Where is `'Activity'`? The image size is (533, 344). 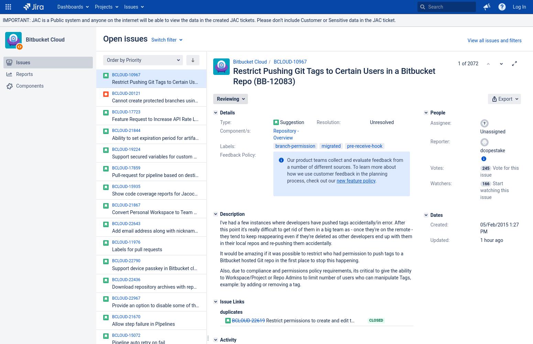
'Activity' is located at coordinates (219, 339).